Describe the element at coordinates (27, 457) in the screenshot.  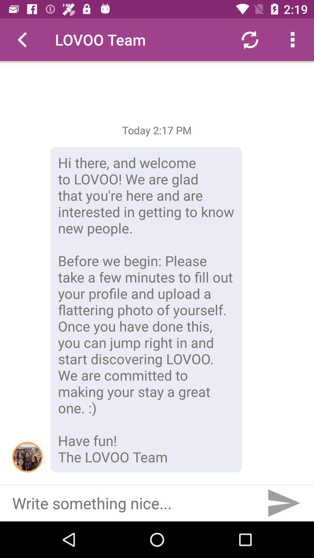
I see `the item to the left of the hi there and icon` at that location.